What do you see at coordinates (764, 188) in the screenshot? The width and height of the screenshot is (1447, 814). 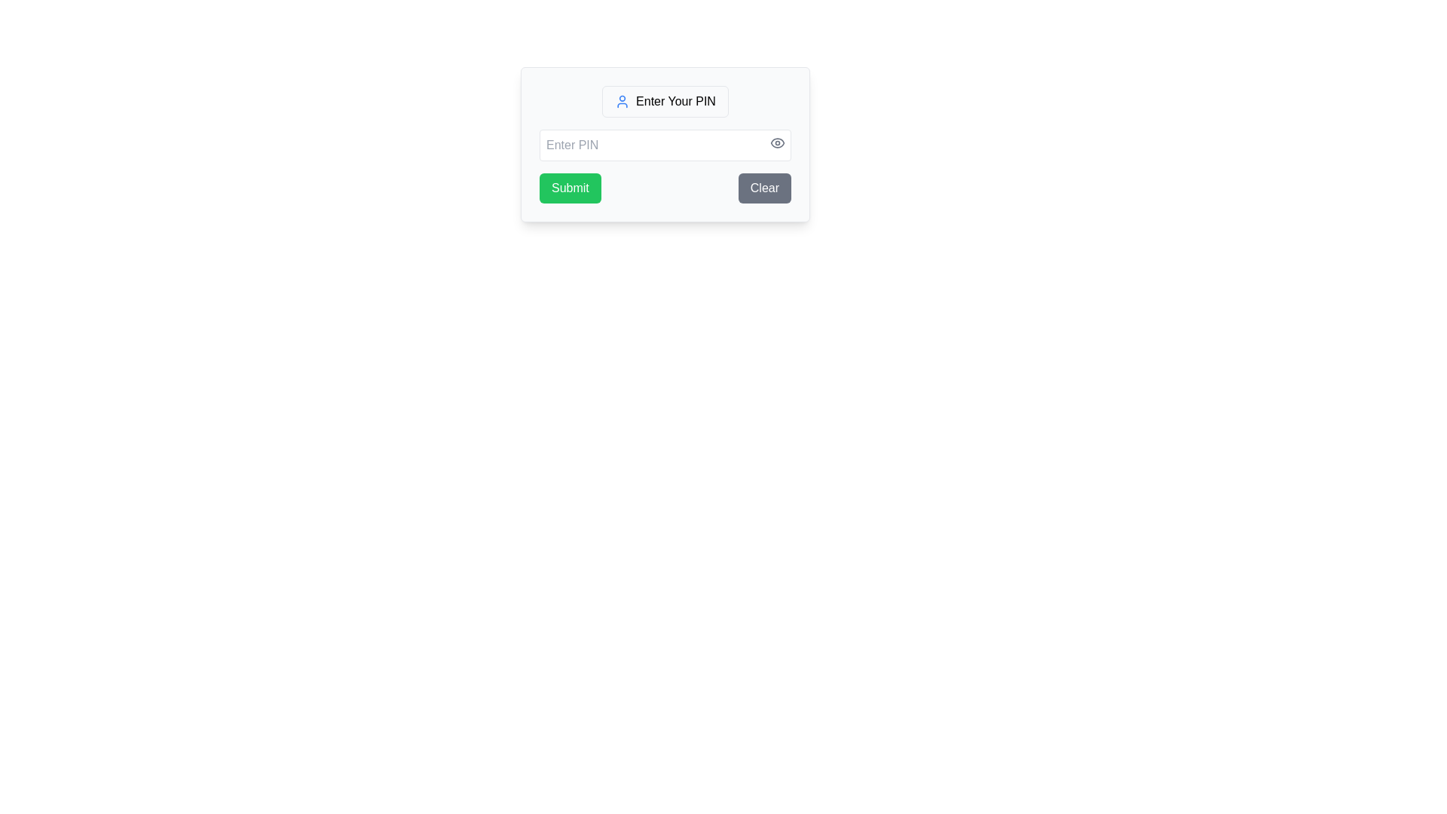 I see `the clear/reset button located at the bottom of the form interface, which is the second button on the right-hand side, to change its color` at bounding box center [764, 188].